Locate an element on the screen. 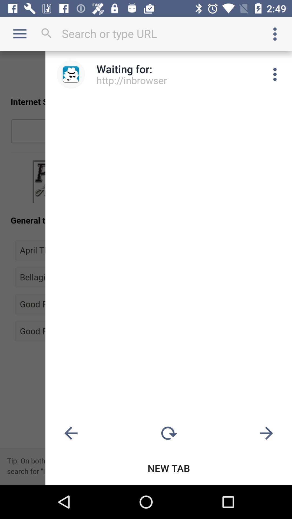  the new tab is located at coordinates (168, 468).